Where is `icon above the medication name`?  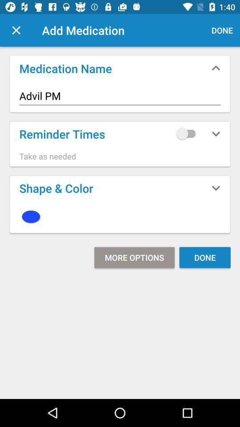
icon above the medication name is located at coordinates (16, 30).